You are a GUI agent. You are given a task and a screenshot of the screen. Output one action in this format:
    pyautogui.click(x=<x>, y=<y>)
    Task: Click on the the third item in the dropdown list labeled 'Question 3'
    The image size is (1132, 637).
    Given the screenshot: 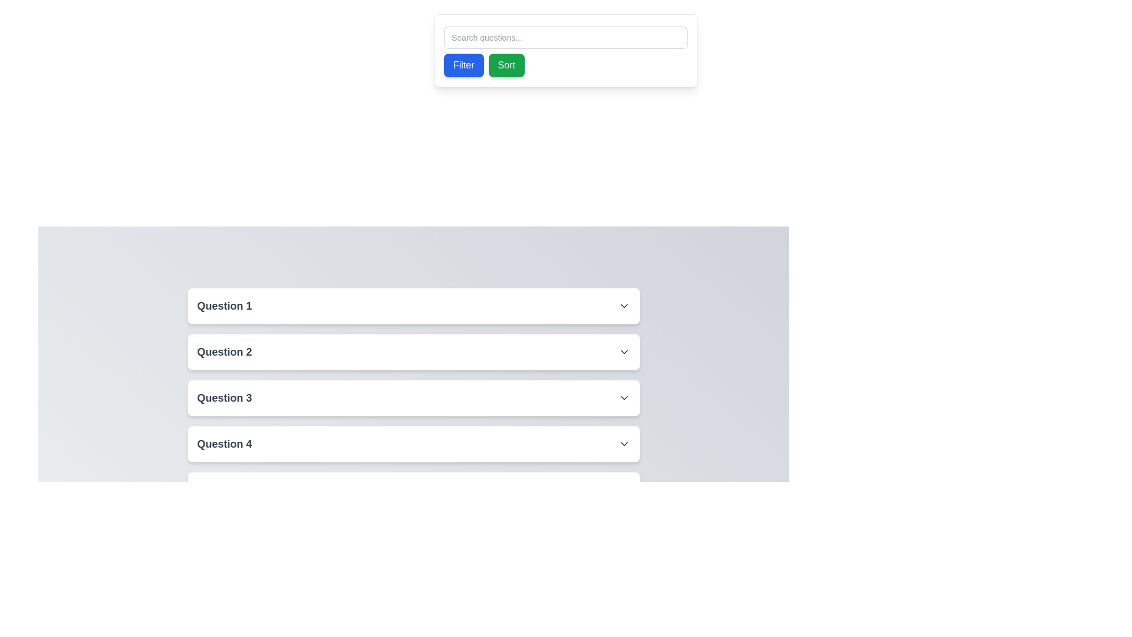 What is the action you would take?
    pyautogui.click(x=413, y=398)
    